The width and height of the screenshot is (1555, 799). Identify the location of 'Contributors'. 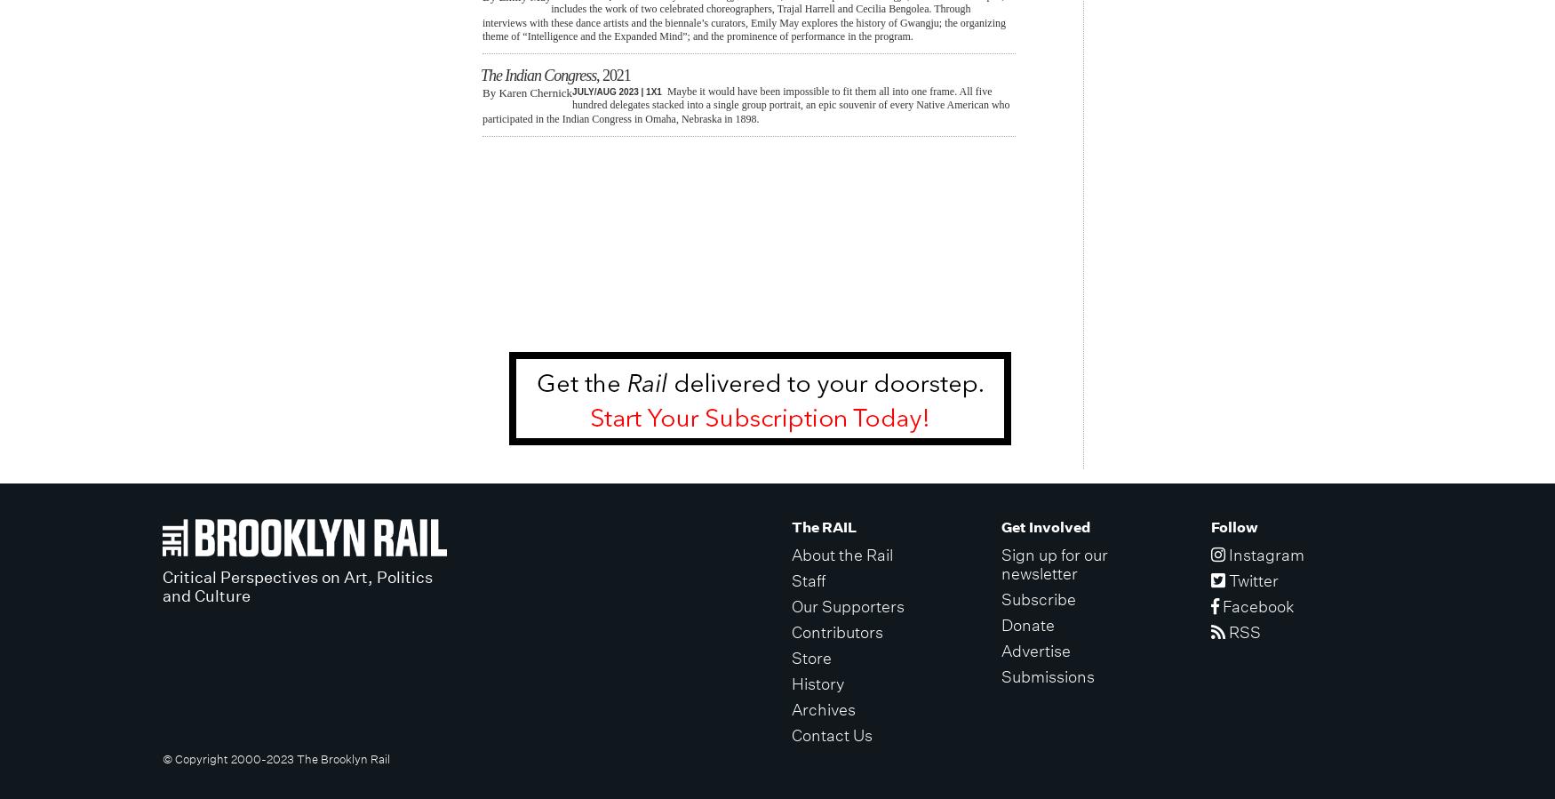
(837, 630).